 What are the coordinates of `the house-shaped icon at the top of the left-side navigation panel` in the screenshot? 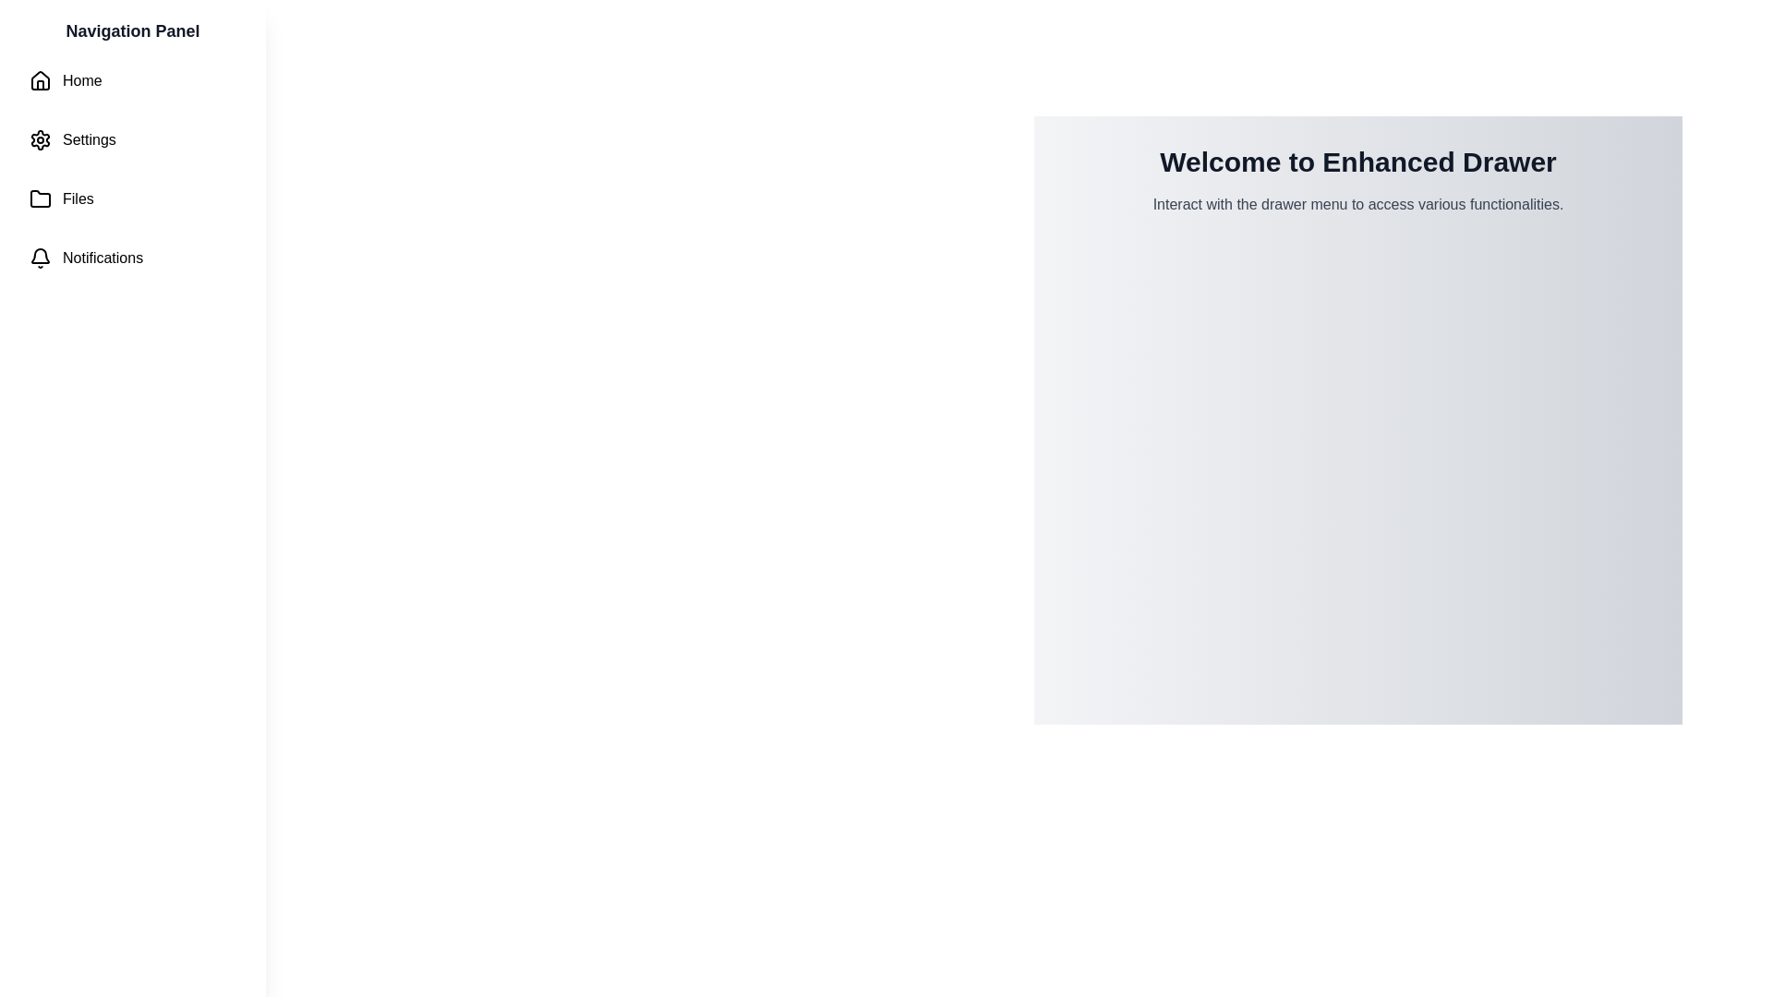 It's located at (40, 79).